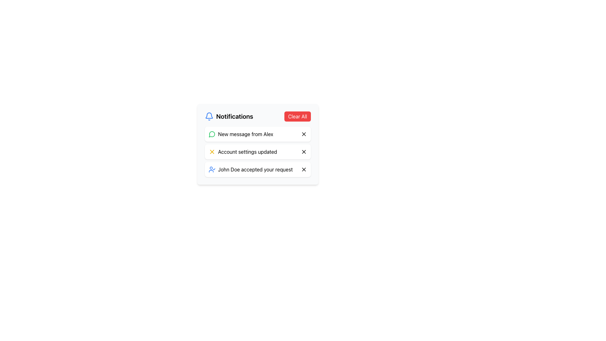 The width and height of the screenshot is (606, 341). I want to click on text of the Notification Item that indicates 'John Doe accepted your request', which is visually represented by a small user icon with a checkmark and styled in a regular black font, so click(250, 169).